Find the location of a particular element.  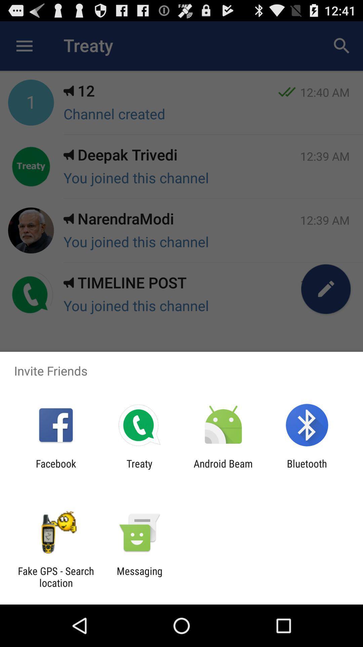

the icon next to the fake gps search app is located at coordinates (139, 577).